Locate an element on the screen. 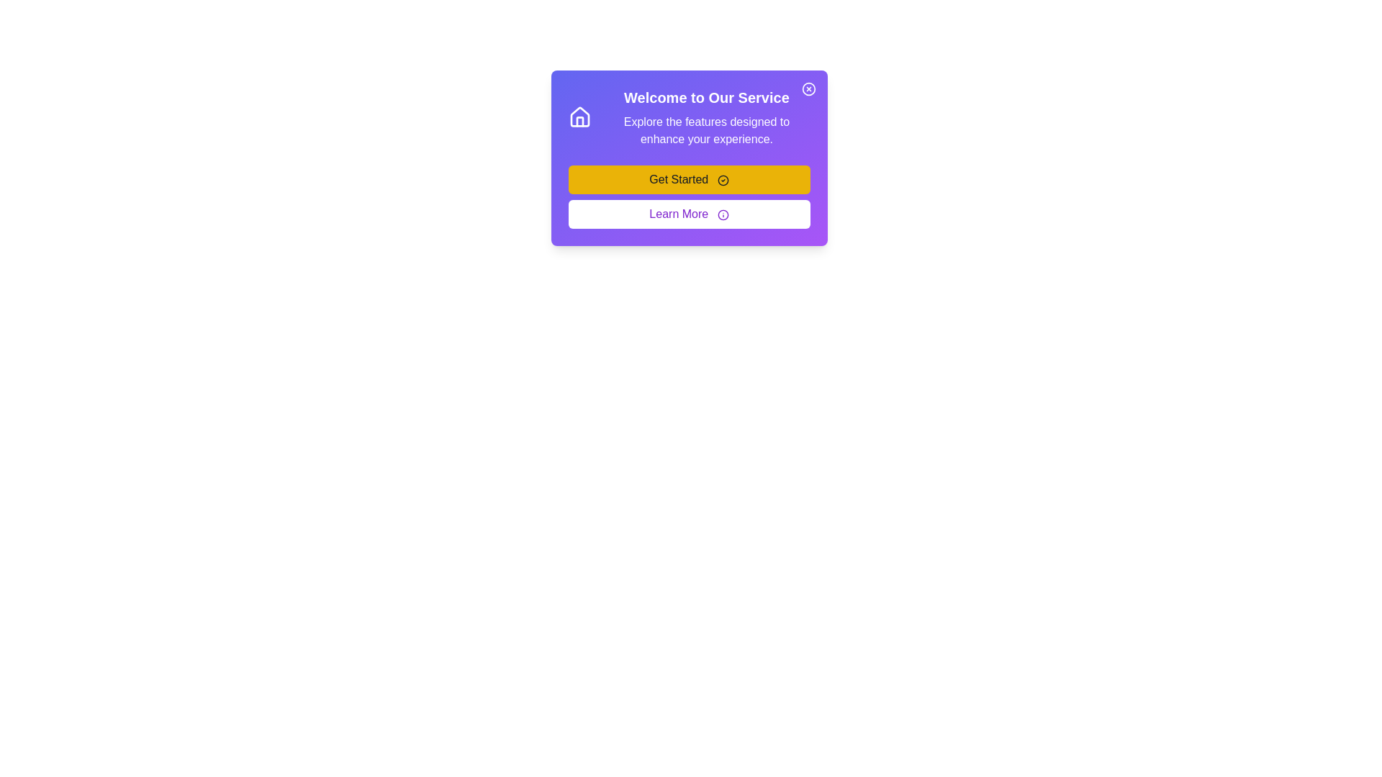  the static text description located below the 'Welcome to Our Service' heading, which provides additional context about the service is located at coordinates (706, 130).